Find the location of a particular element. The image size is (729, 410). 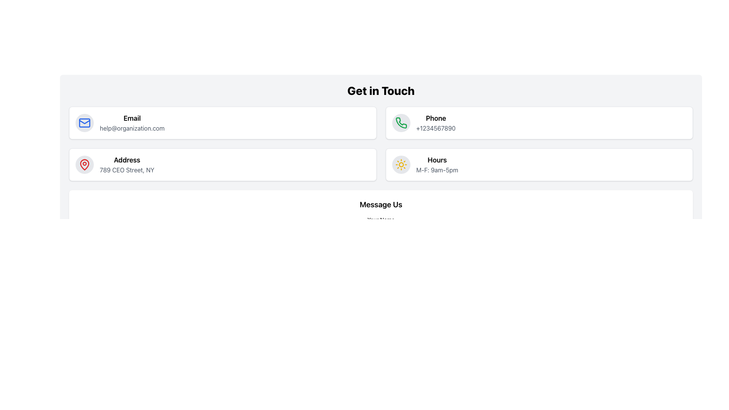

the map pin icon located in the Address section of the 'Get in Touch' layout is located at coordinates (84, 164).